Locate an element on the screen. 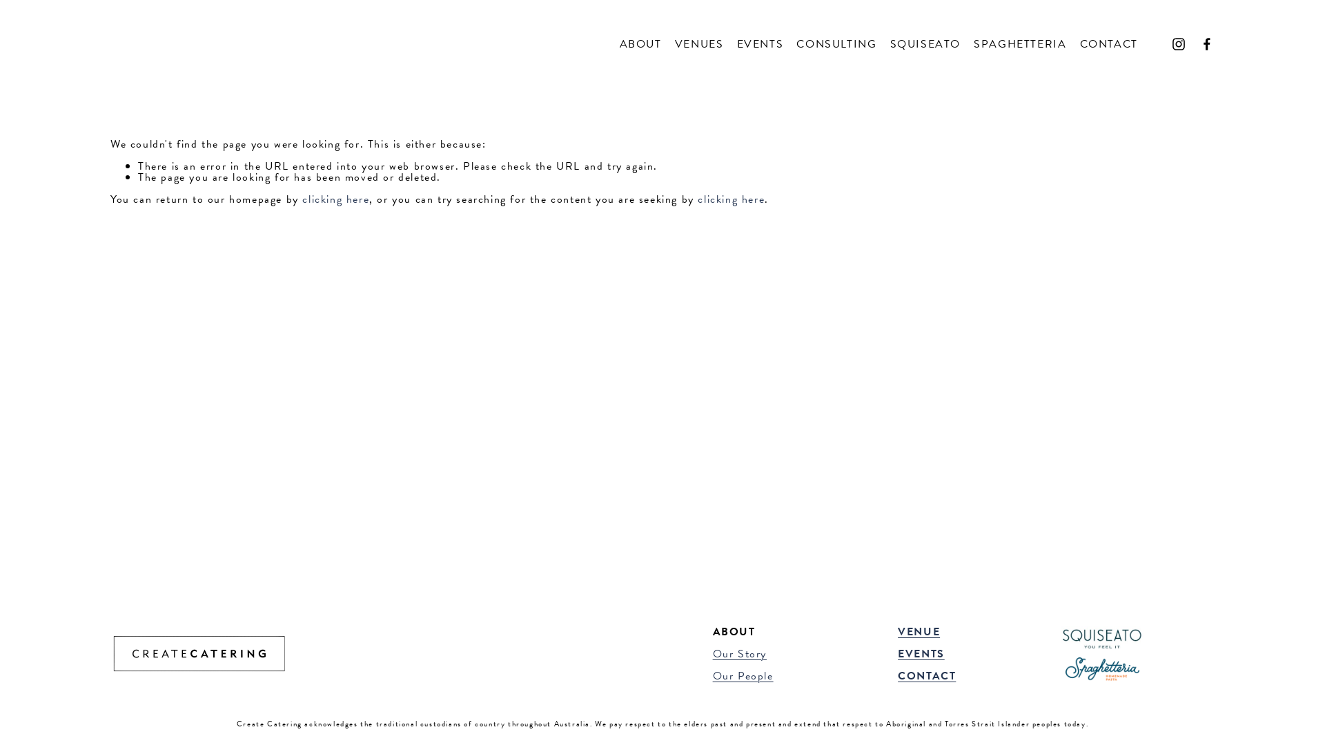 The width and height of the screenshot is (1325, 745). 'clicking here' is located at coordinates (335, 199).